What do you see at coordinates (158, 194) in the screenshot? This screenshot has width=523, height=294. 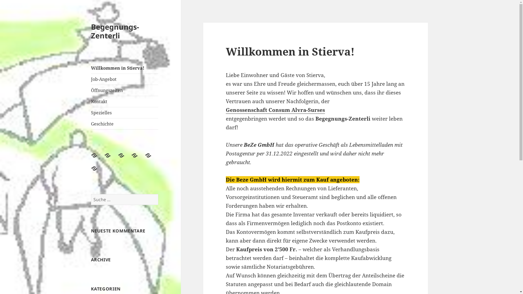 I see `'Suche'` at bounding box center [158, 194].